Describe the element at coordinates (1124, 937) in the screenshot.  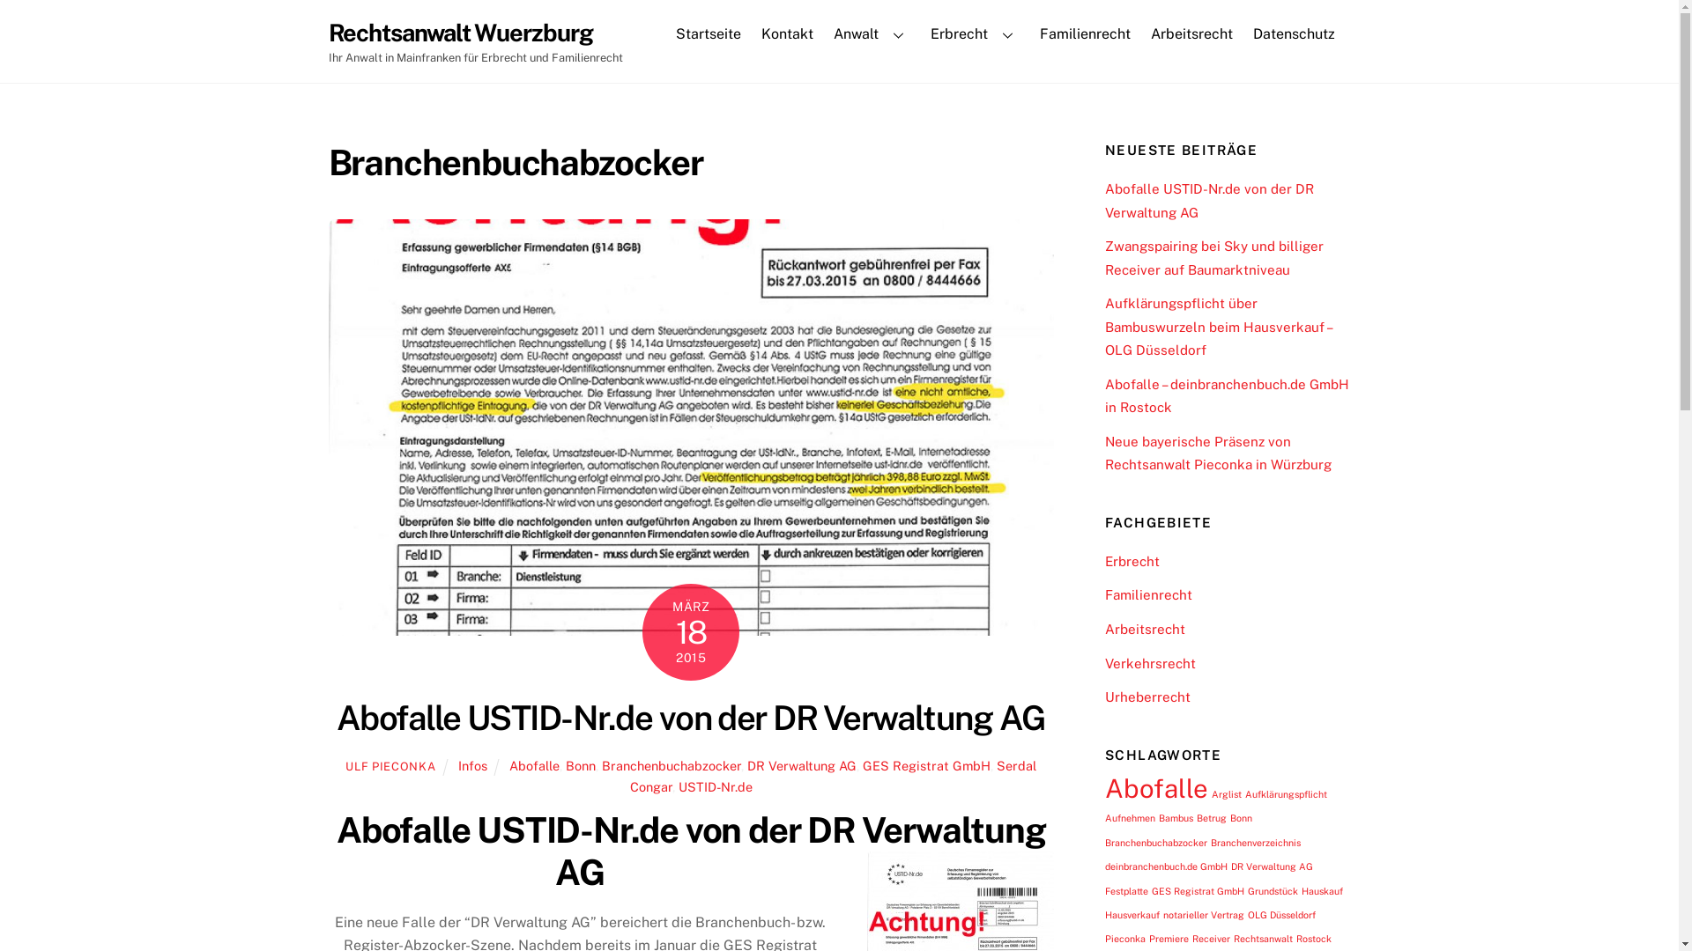
I see `'Pieconka'` at that location.